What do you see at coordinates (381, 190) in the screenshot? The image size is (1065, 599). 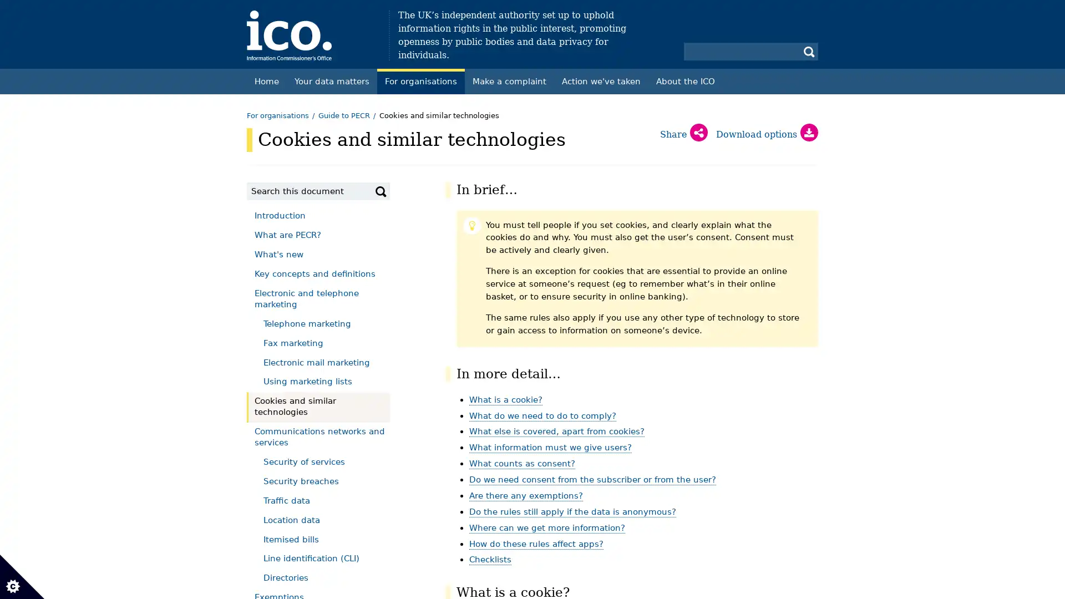 I see `Search` at bounding box center [381, 190].